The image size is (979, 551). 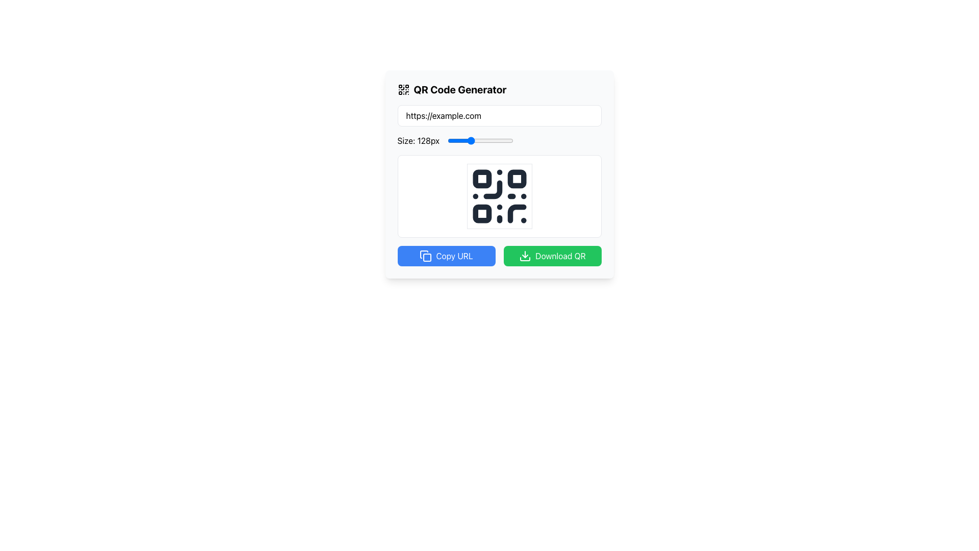 I want to click on the QR code size, so click(x=468, y=141).